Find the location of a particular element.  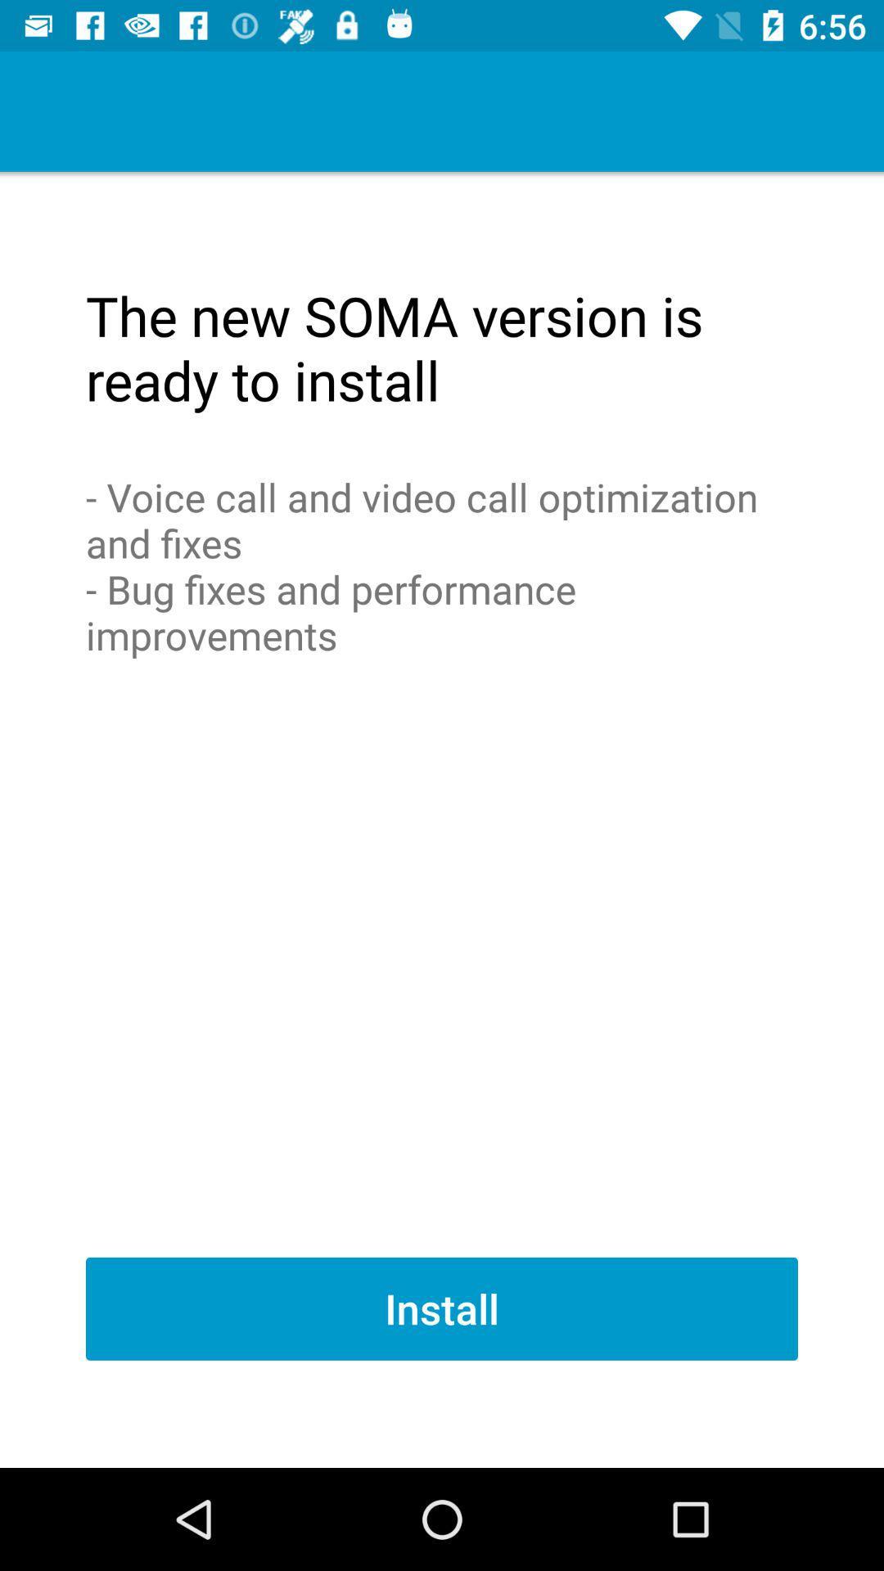

item above install item is located at coordinates (442, 565).